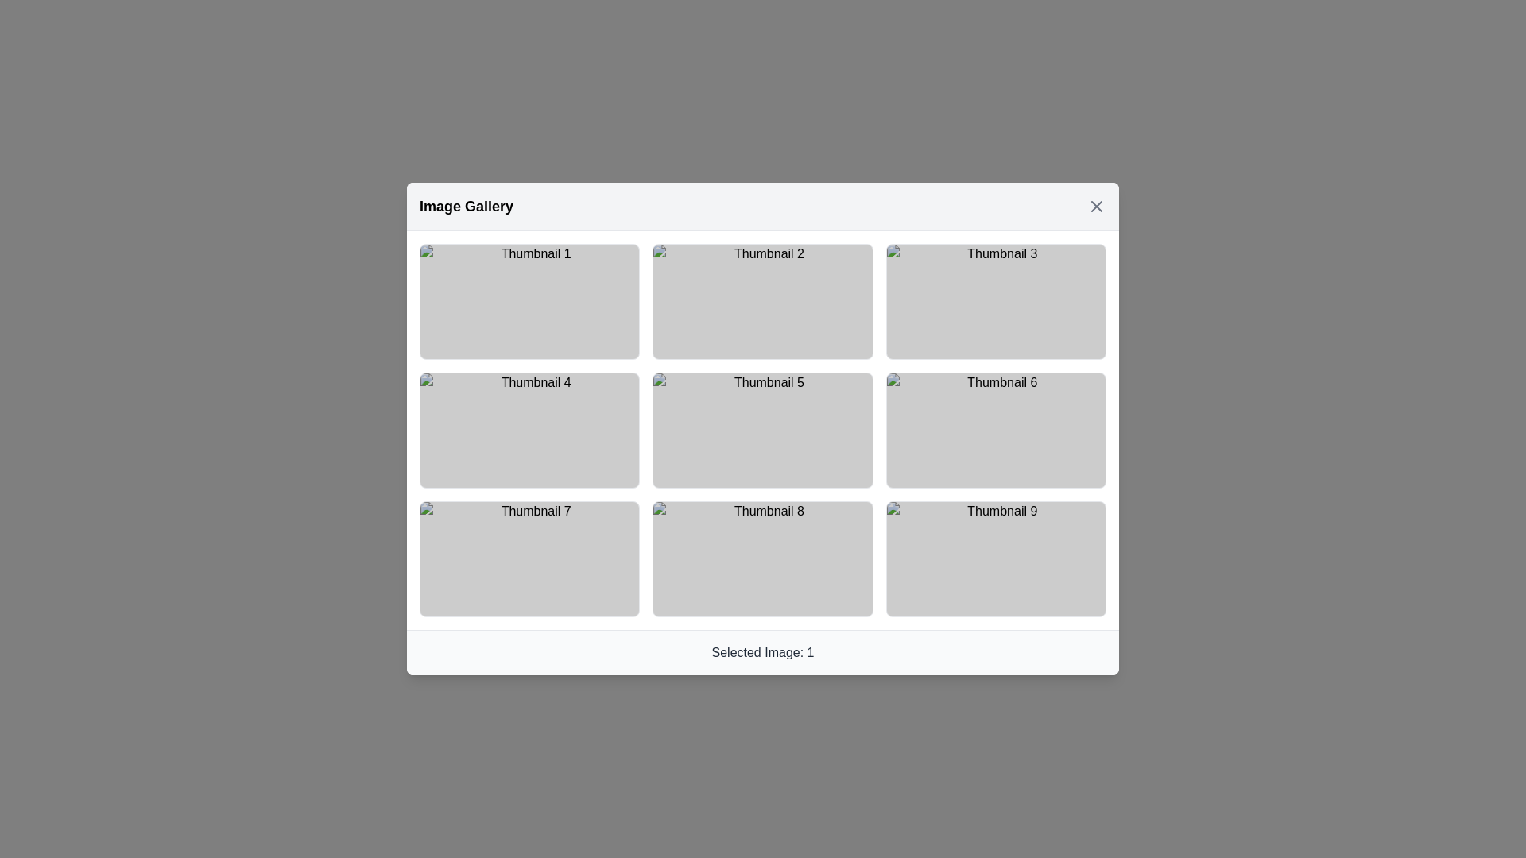 This screenshot has height=858, width=1526. What do you see at coordinates (763, 302) in the screenshot?
I see `the interactive thumbnail component located in the image gallery grid, which is the second thumbnail in the first row` at bounding box center [763, 302].